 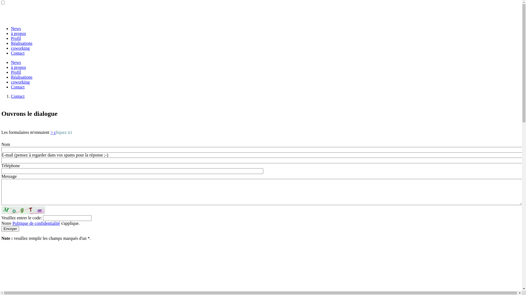 What do you see at coordinates (20, 82) in the screenshot?
I see `'coworking'` at bounding box center [20, 82].